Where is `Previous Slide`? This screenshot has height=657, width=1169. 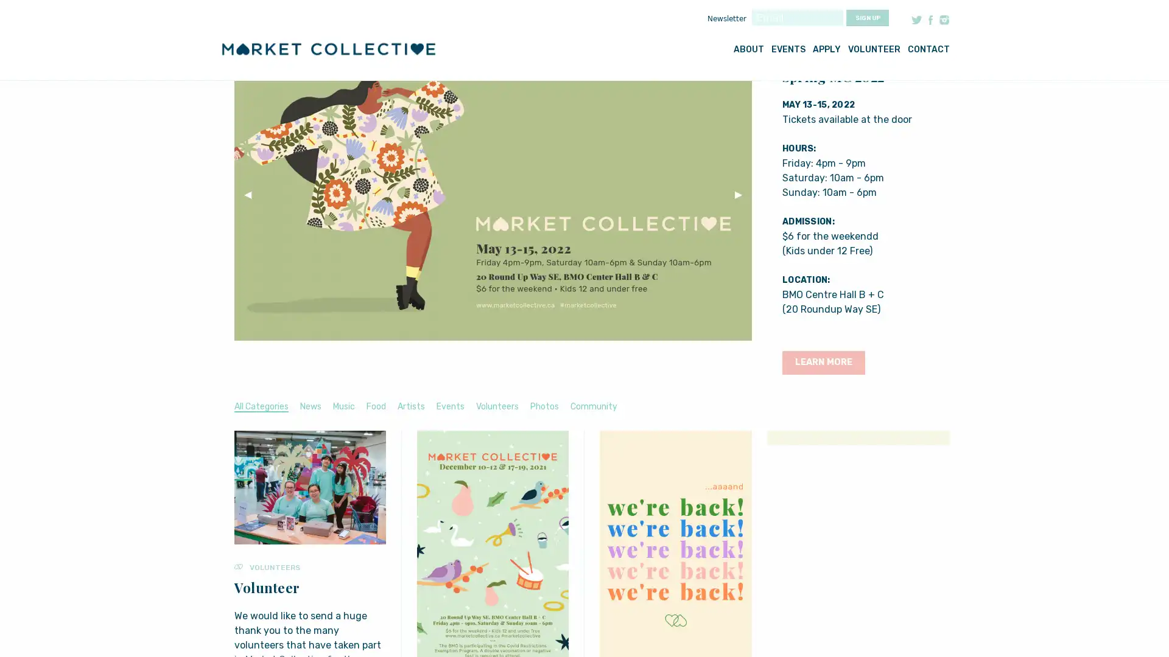
Previous Slide is located at coordinates (247, 194).